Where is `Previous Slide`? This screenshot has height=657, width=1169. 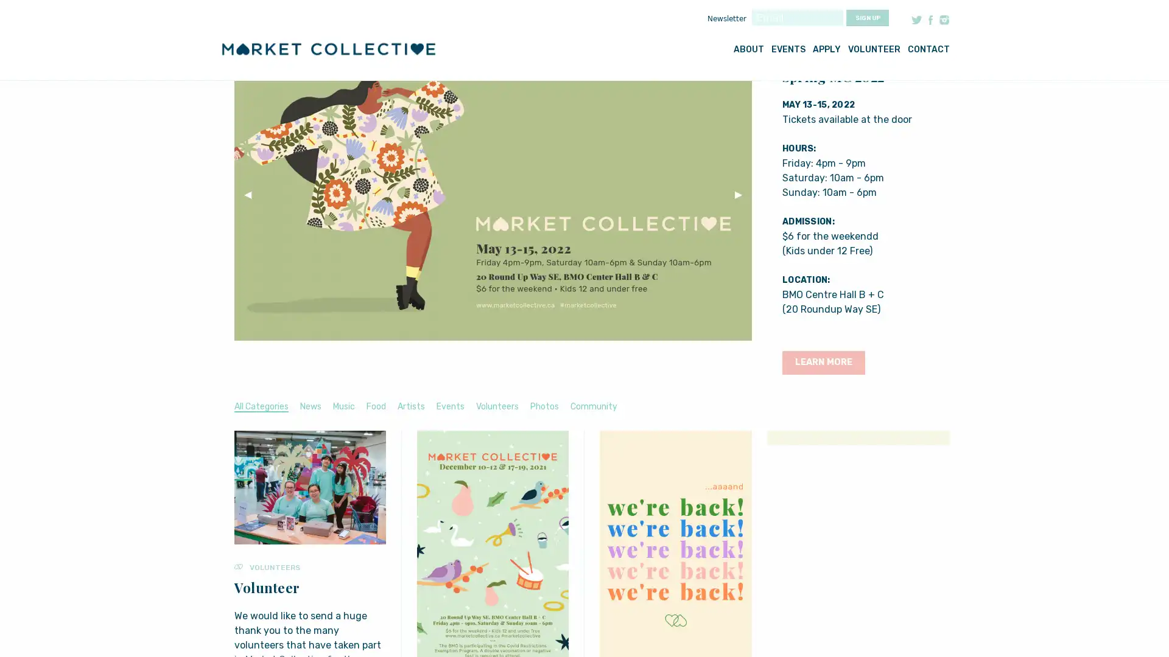
Previous Slide is located at coordinates (247, 194).